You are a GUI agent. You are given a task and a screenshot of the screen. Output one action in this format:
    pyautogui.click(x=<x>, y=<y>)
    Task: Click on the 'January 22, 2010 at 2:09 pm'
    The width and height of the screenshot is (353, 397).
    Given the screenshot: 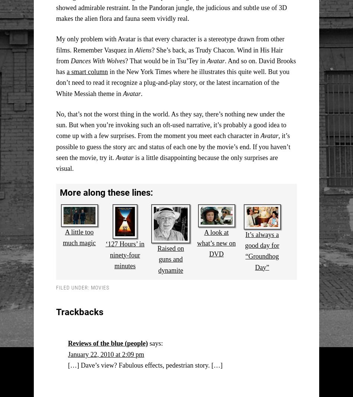 What is the action you would take?
    pyautogui.click(x=106, y=354)
    